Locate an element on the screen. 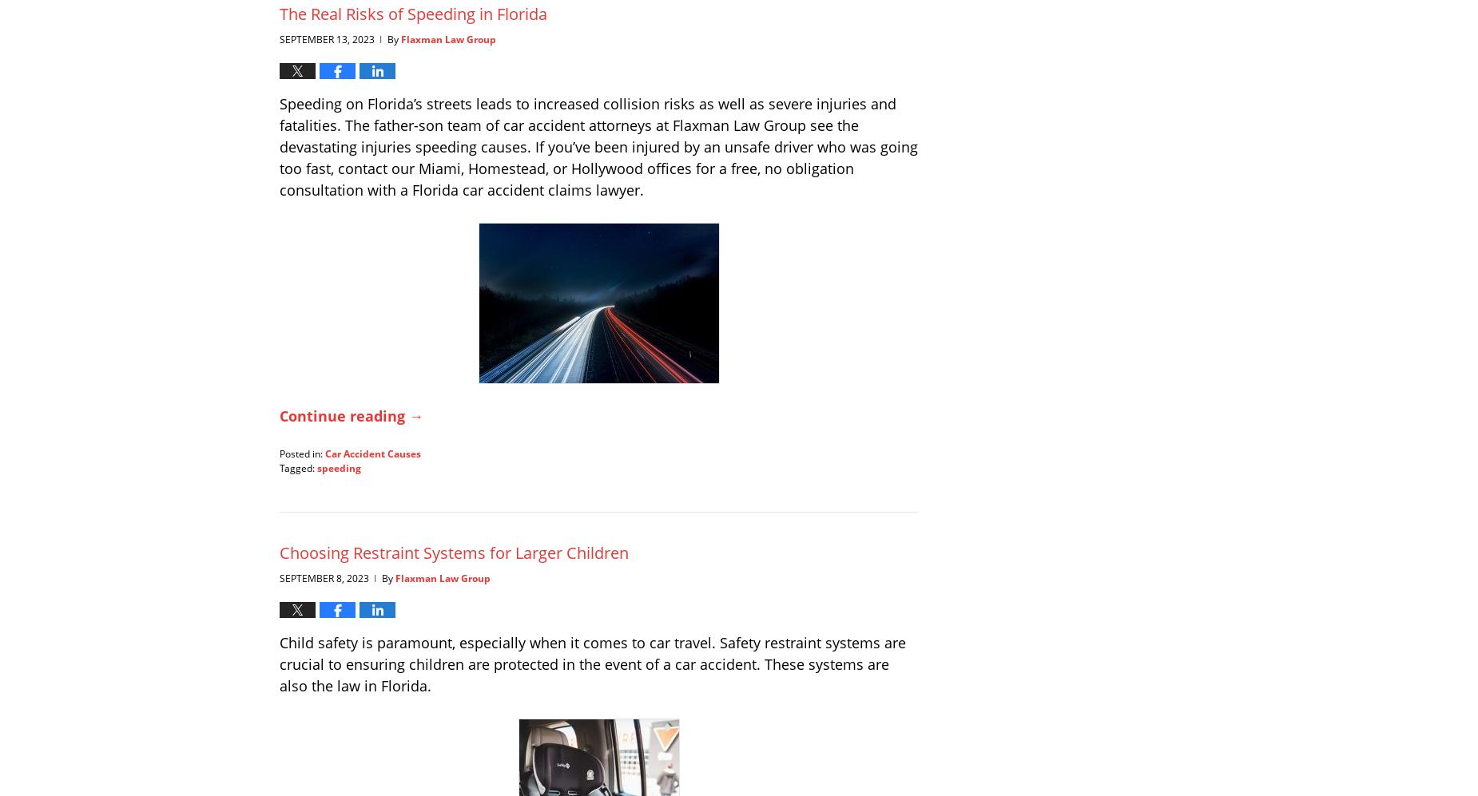 Image resolution: width=1478 pixels, height=796 pixels. 'speeding' is located at coordinates (338, 467).